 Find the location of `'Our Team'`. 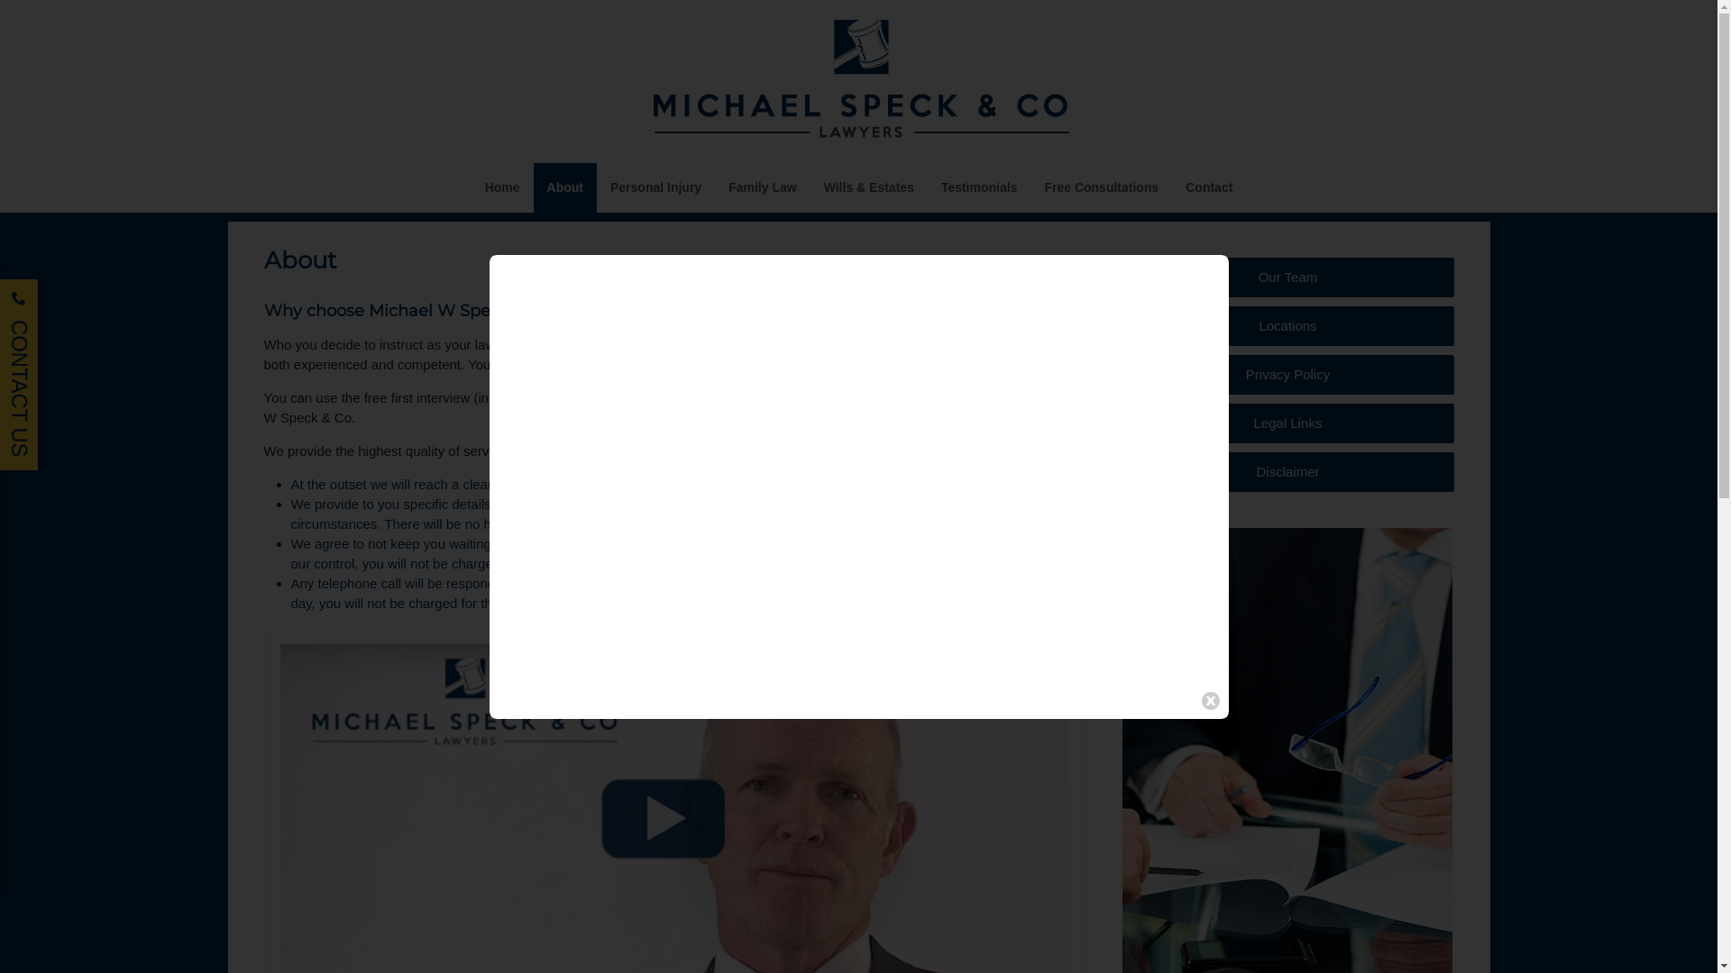

'Our Team' is located at coordinates (1287, 277).